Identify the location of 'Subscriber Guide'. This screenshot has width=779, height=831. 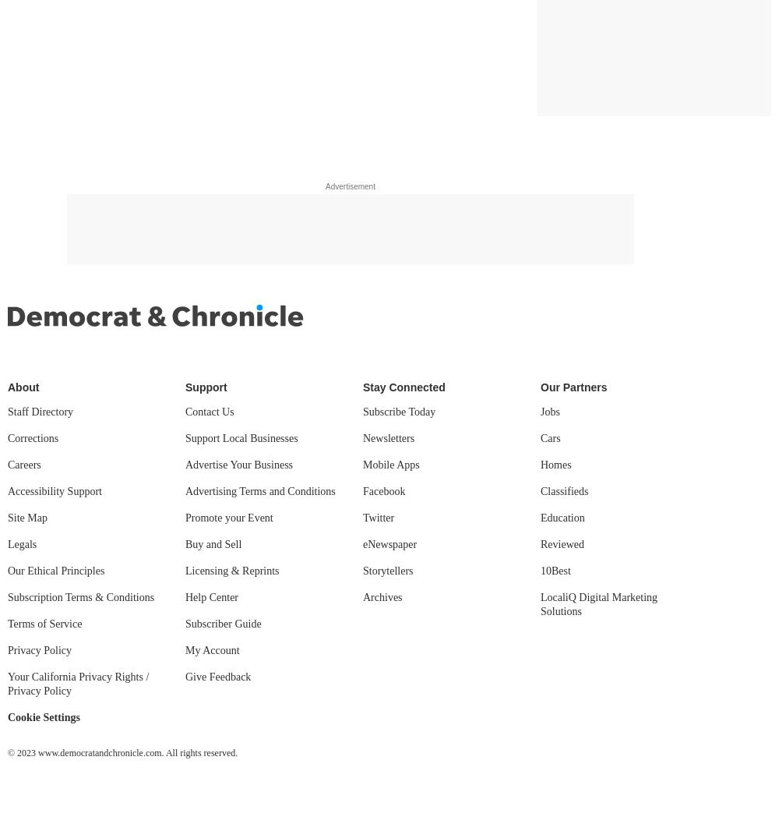
(223, 624).